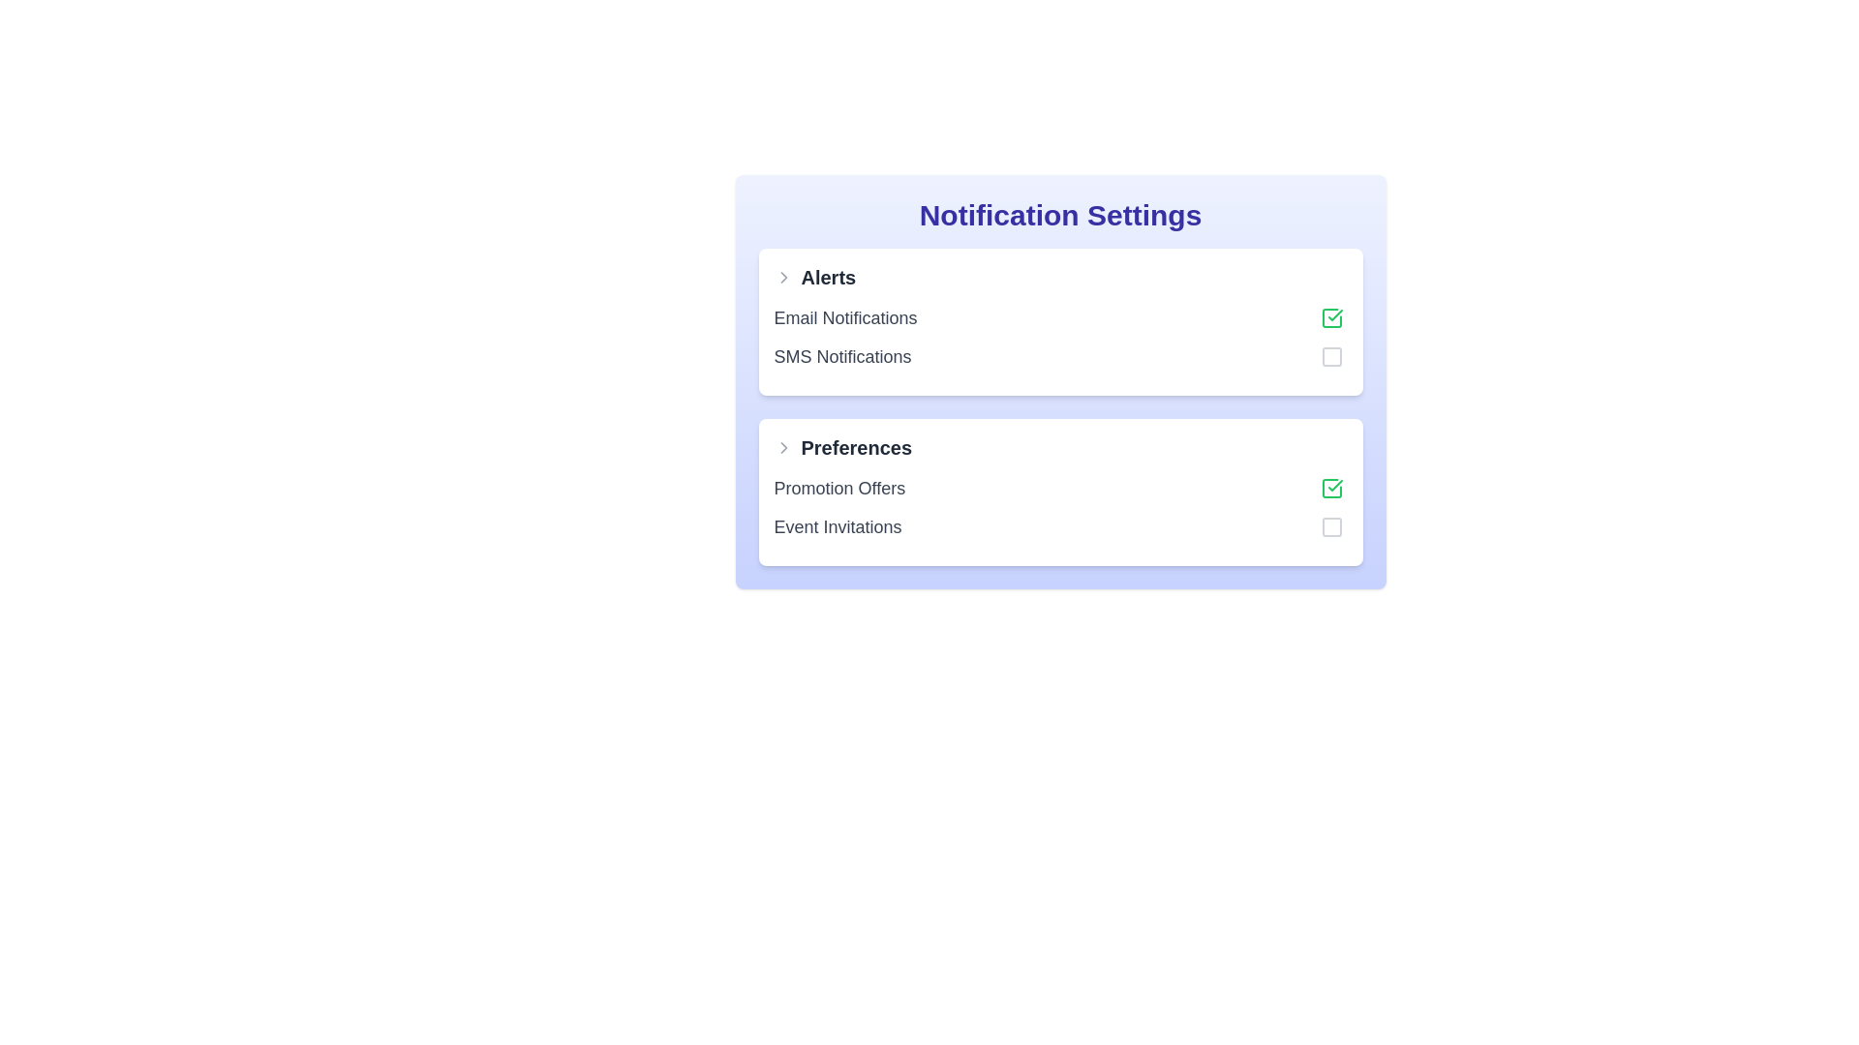 This screenshot has width=1859, height=1045. What do you see at coordinates (1330, 357) in the screenshot?
I see `the second icon` at bounding box center [1330, 357].